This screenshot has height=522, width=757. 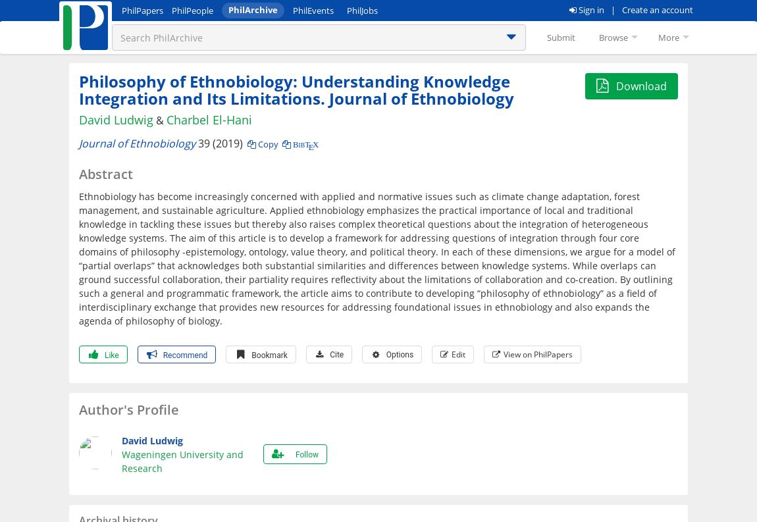 I want to click on 'More', so click(x=669, y=38).